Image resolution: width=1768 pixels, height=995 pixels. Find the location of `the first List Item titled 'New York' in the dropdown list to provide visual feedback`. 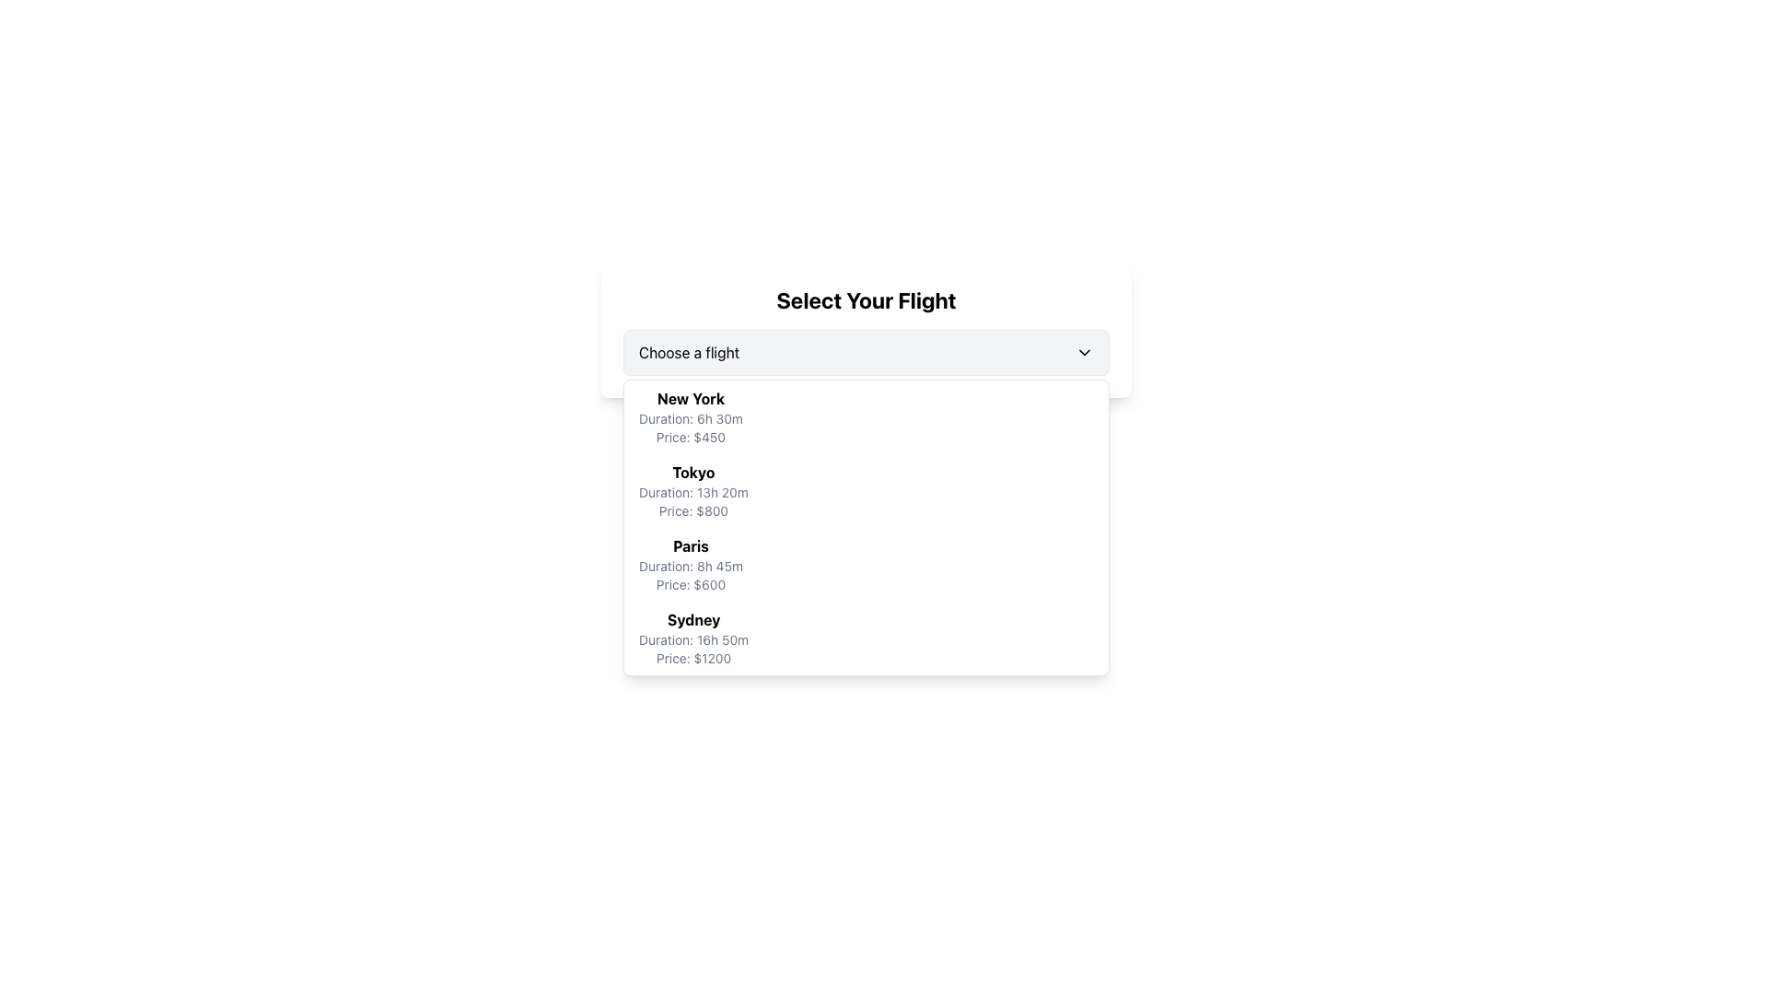

the first List Item titled 'New York' in the dropdown list to provide visual feedback is located at coordinates (865, 416).